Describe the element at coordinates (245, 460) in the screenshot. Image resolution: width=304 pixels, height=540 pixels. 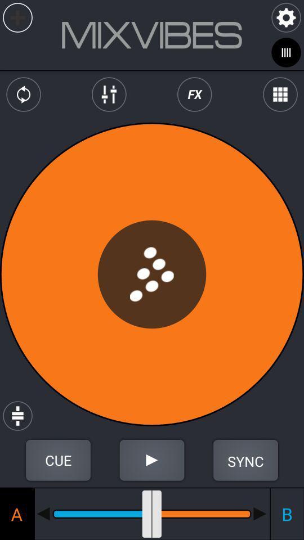
I see `icon above the b icon` at that location.